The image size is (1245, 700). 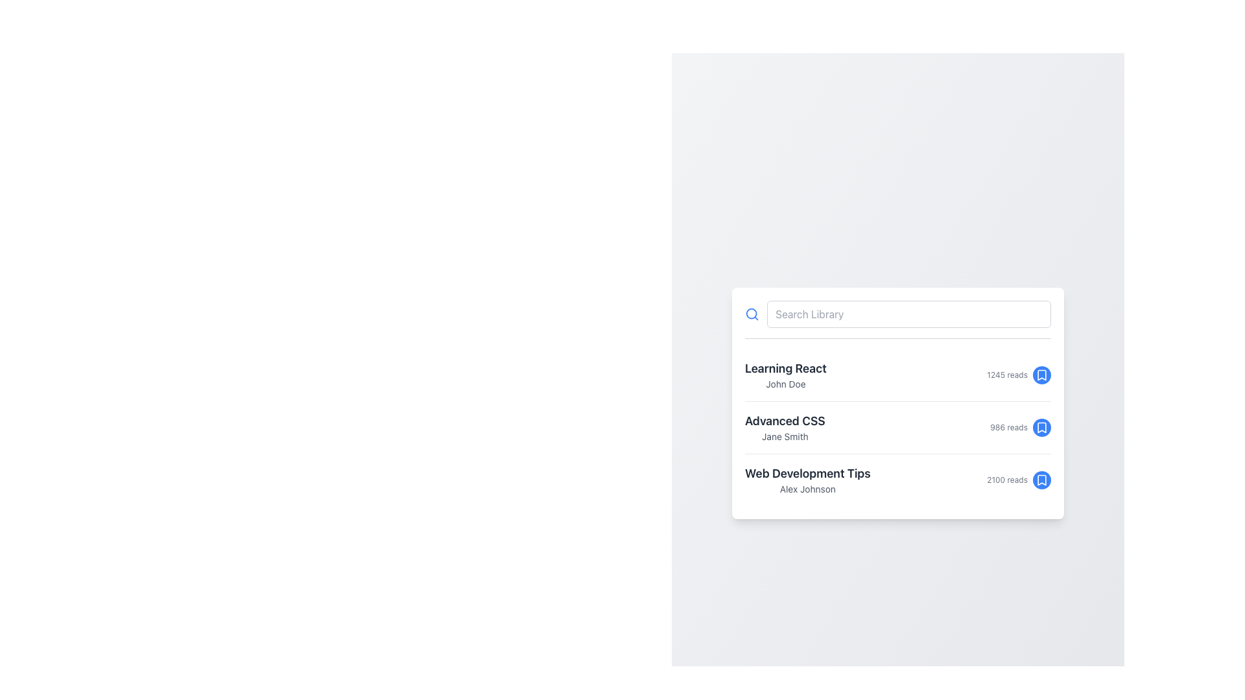 I want to click on the Textual Information Block displaying 'Learning React' and 'John Doe', which is the first item in the list beneath the search bar, so click(x=785, y=375).